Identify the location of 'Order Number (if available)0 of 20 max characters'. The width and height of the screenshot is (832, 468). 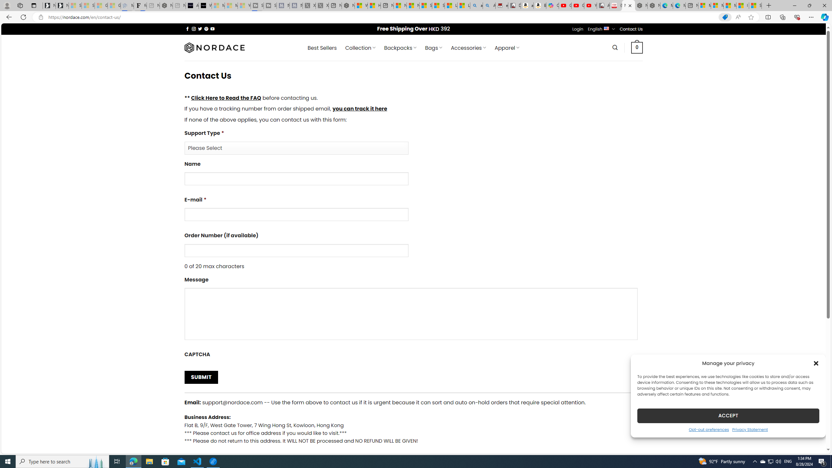
(413, 250).